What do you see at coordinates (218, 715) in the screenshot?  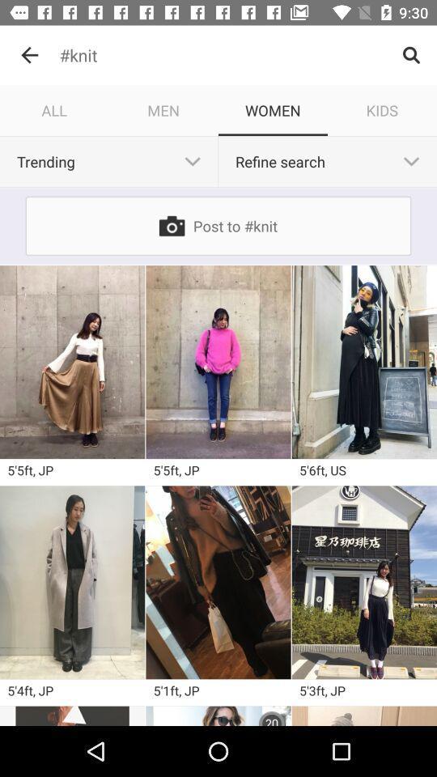 I see `image` at bounding box center [218, 715].